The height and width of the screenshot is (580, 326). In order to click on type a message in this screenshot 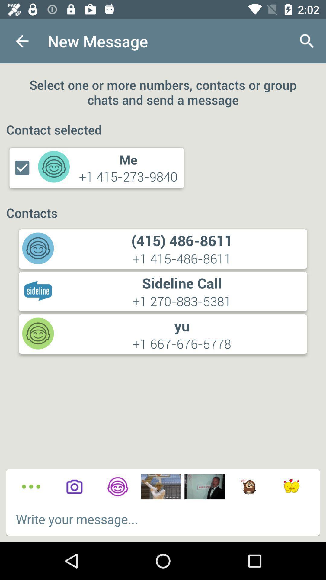, I will do `click(163, 519)`.